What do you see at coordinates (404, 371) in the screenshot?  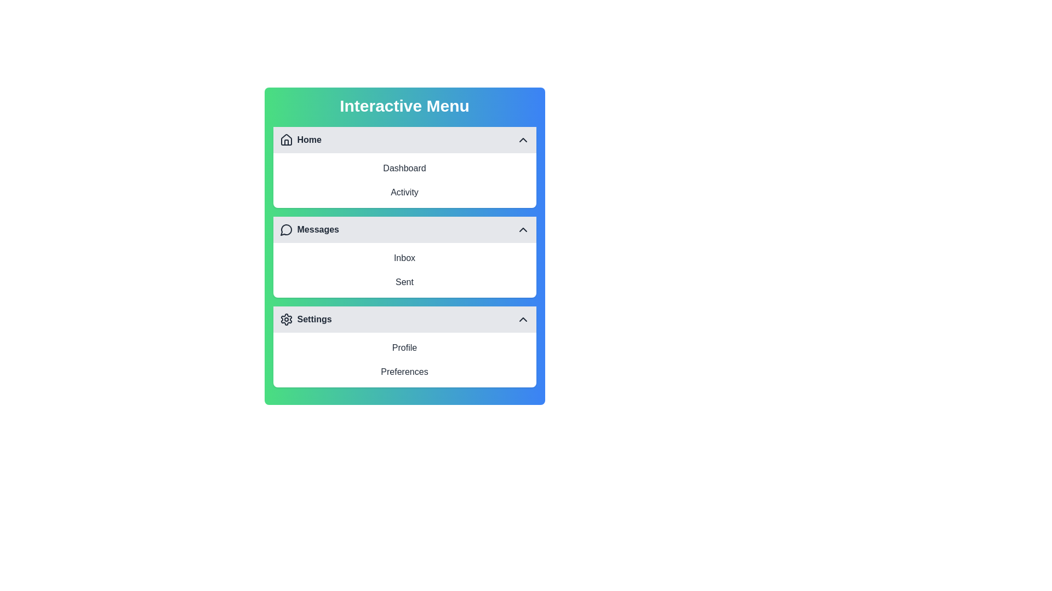 I see `the menu item corresponding to Preferences to select it` at bounding box center [404, 371].